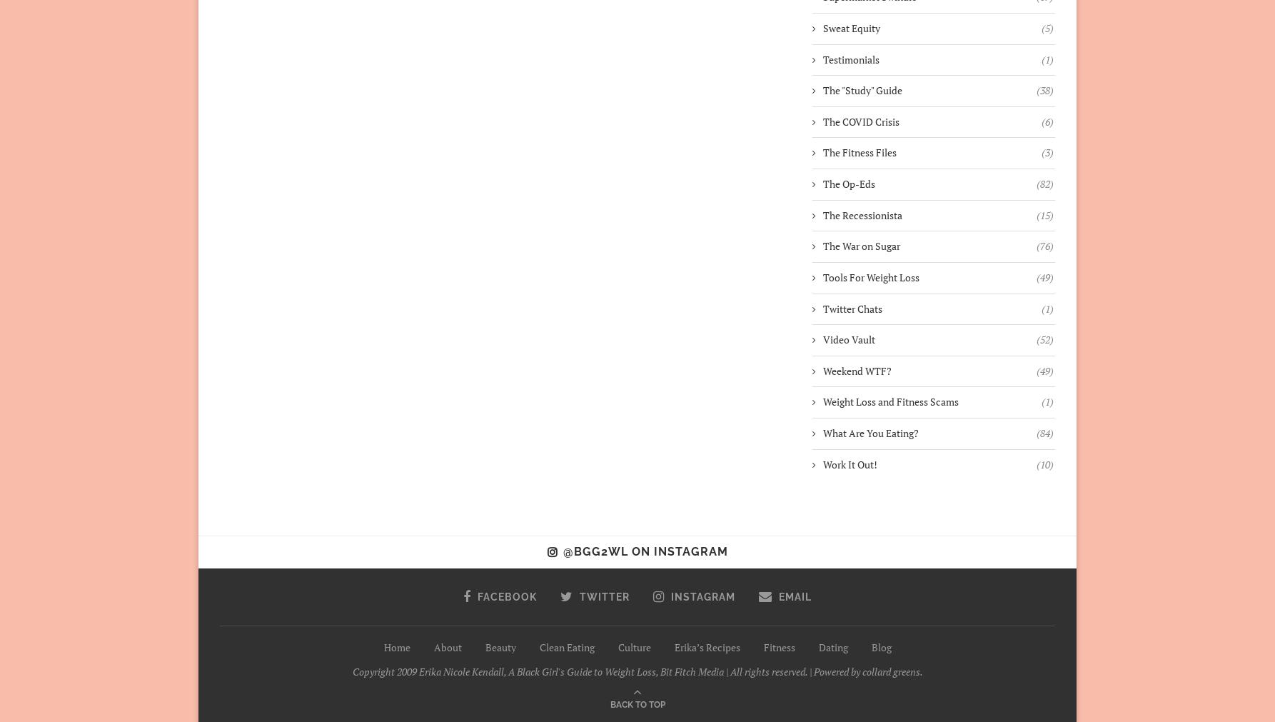 The image size is (1275, 722). Describe the element at coordinates (447, 646) in the screenshot. I see `'About'` at that location.